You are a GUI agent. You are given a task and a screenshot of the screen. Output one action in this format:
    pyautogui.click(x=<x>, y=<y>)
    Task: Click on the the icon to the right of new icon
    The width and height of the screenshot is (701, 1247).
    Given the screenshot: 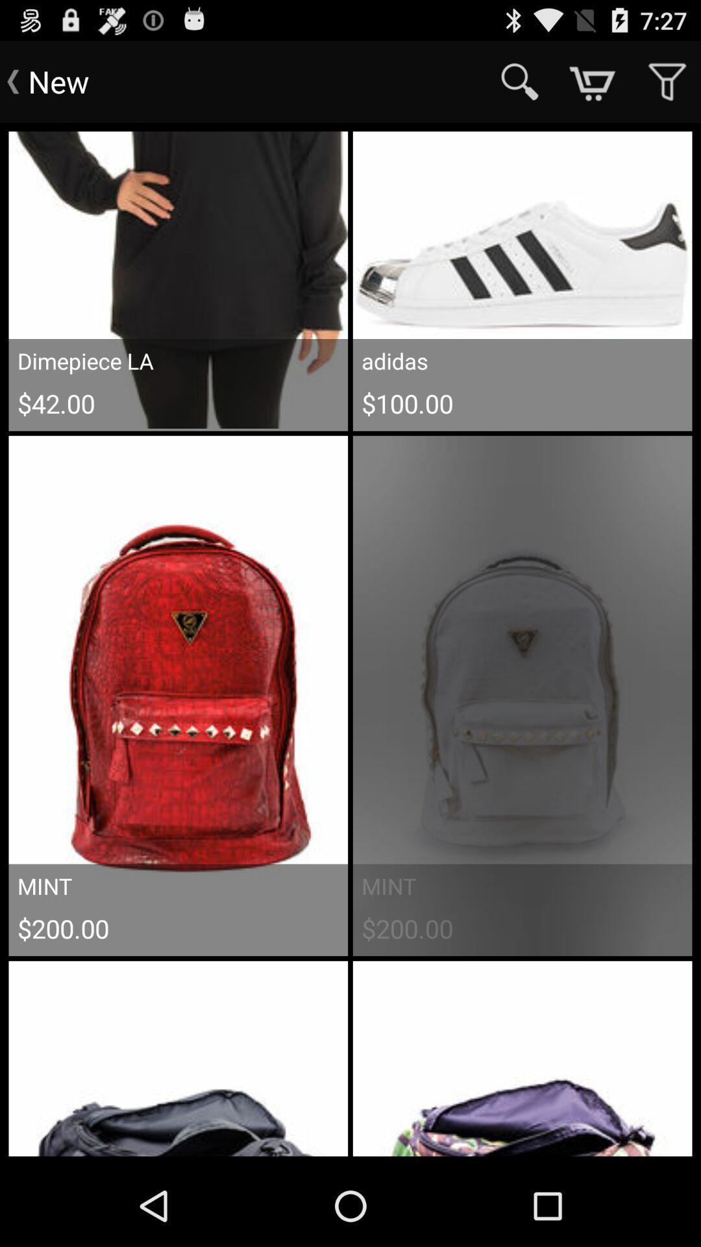 What is the action you would take?
    pyautogui.click(x=519, y=81)
    